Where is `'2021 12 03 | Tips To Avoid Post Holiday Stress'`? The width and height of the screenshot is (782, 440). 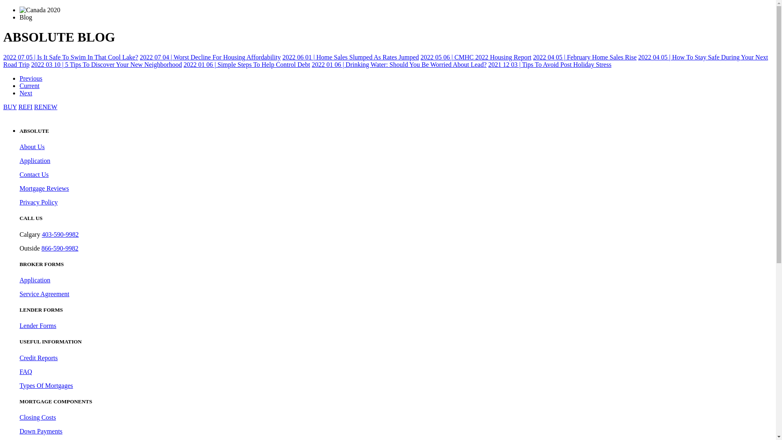 '2021 12 03 | Tips To Avoid Post Holiday Stress' is located at coordinates (549, 64).